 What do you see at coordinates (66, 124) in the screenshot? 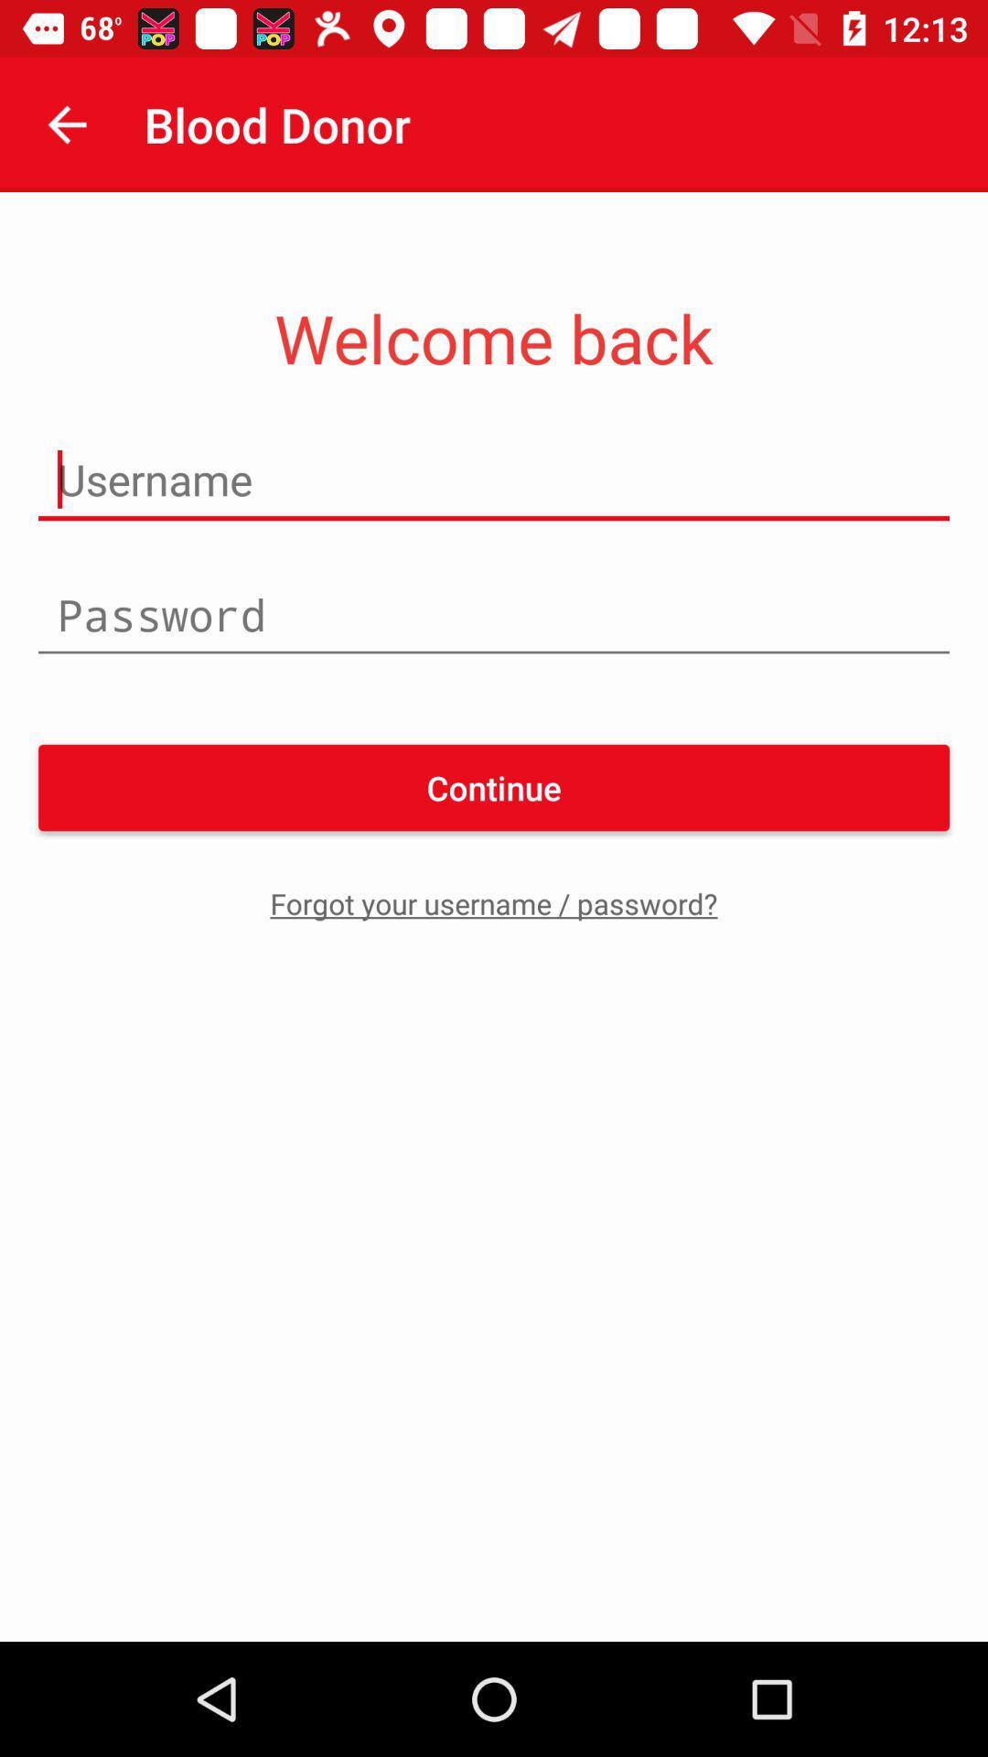
I see `the item next to blood donor` at bounding box center [66, 124].